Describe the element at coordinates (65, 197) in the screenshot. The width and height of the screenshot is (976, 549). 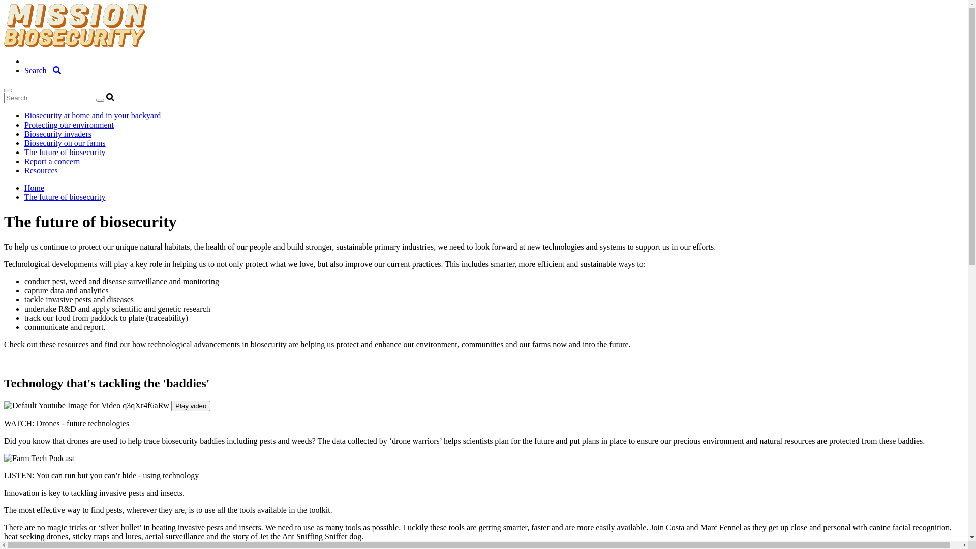
I see `'The future of biosecurity'` at that location.